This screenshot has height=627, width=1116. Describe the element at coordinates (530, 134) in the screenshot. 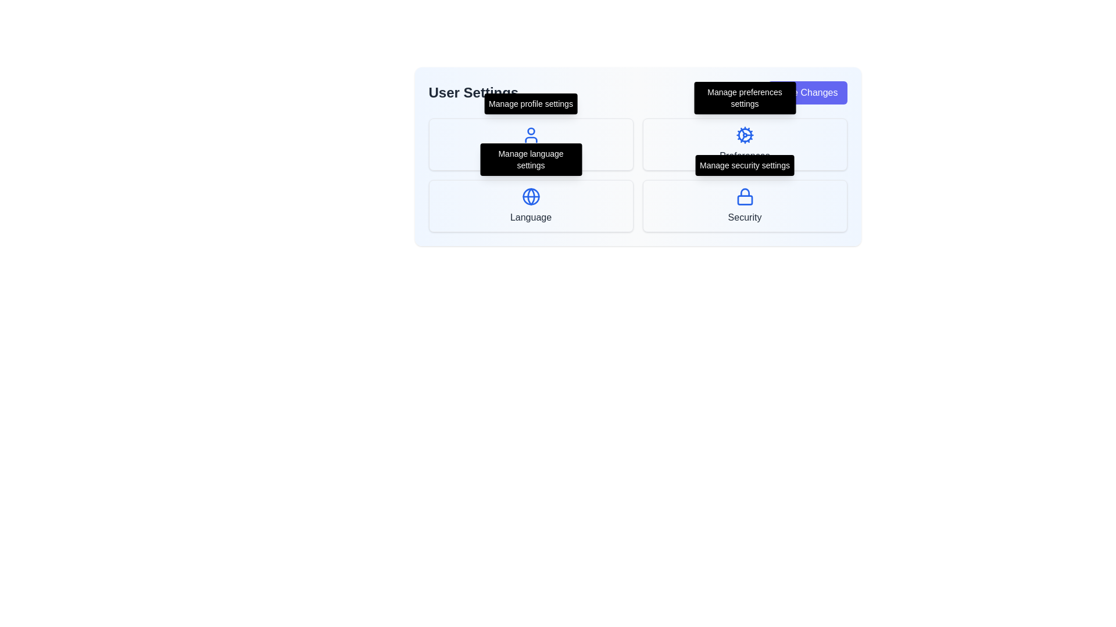

I see `the blue user silhouette icon located in the upper-left section of the grid layout above the 'Profile' text` at that location.